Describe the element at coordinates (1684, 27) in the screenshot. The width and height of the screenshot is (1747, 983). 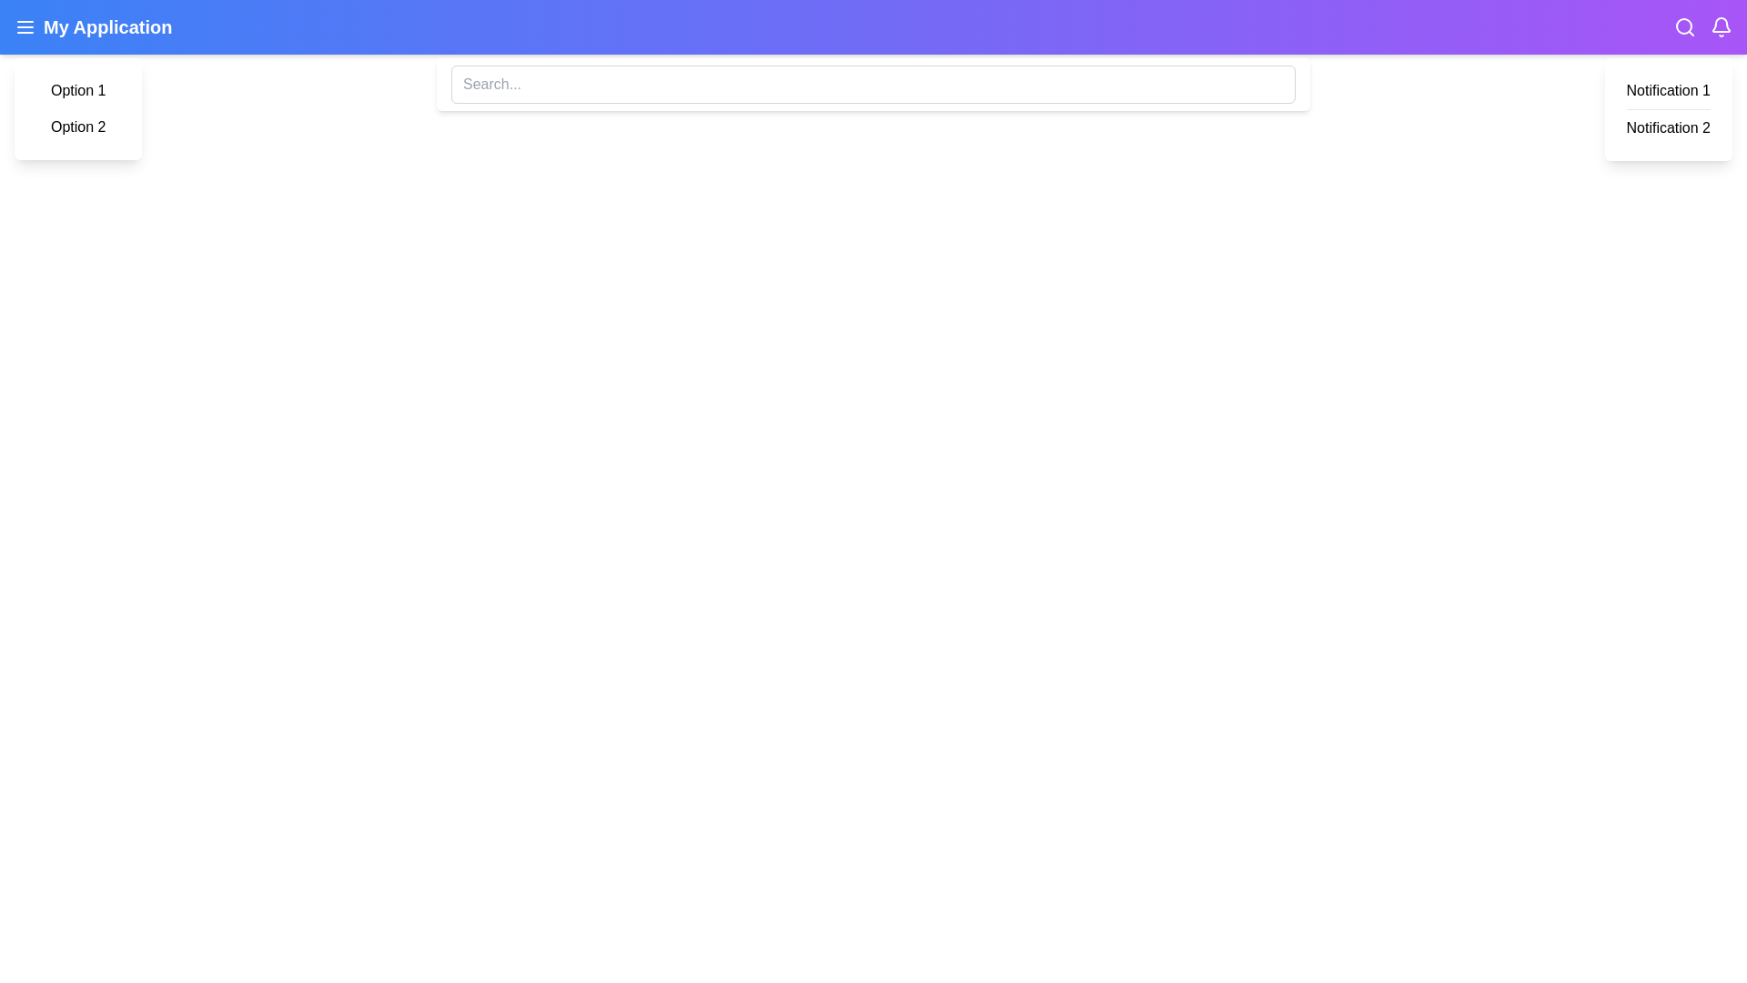
I see `the search icon resembling a magnifying glass located at the top-right corner of the application interface to initiate a search action` at that location.